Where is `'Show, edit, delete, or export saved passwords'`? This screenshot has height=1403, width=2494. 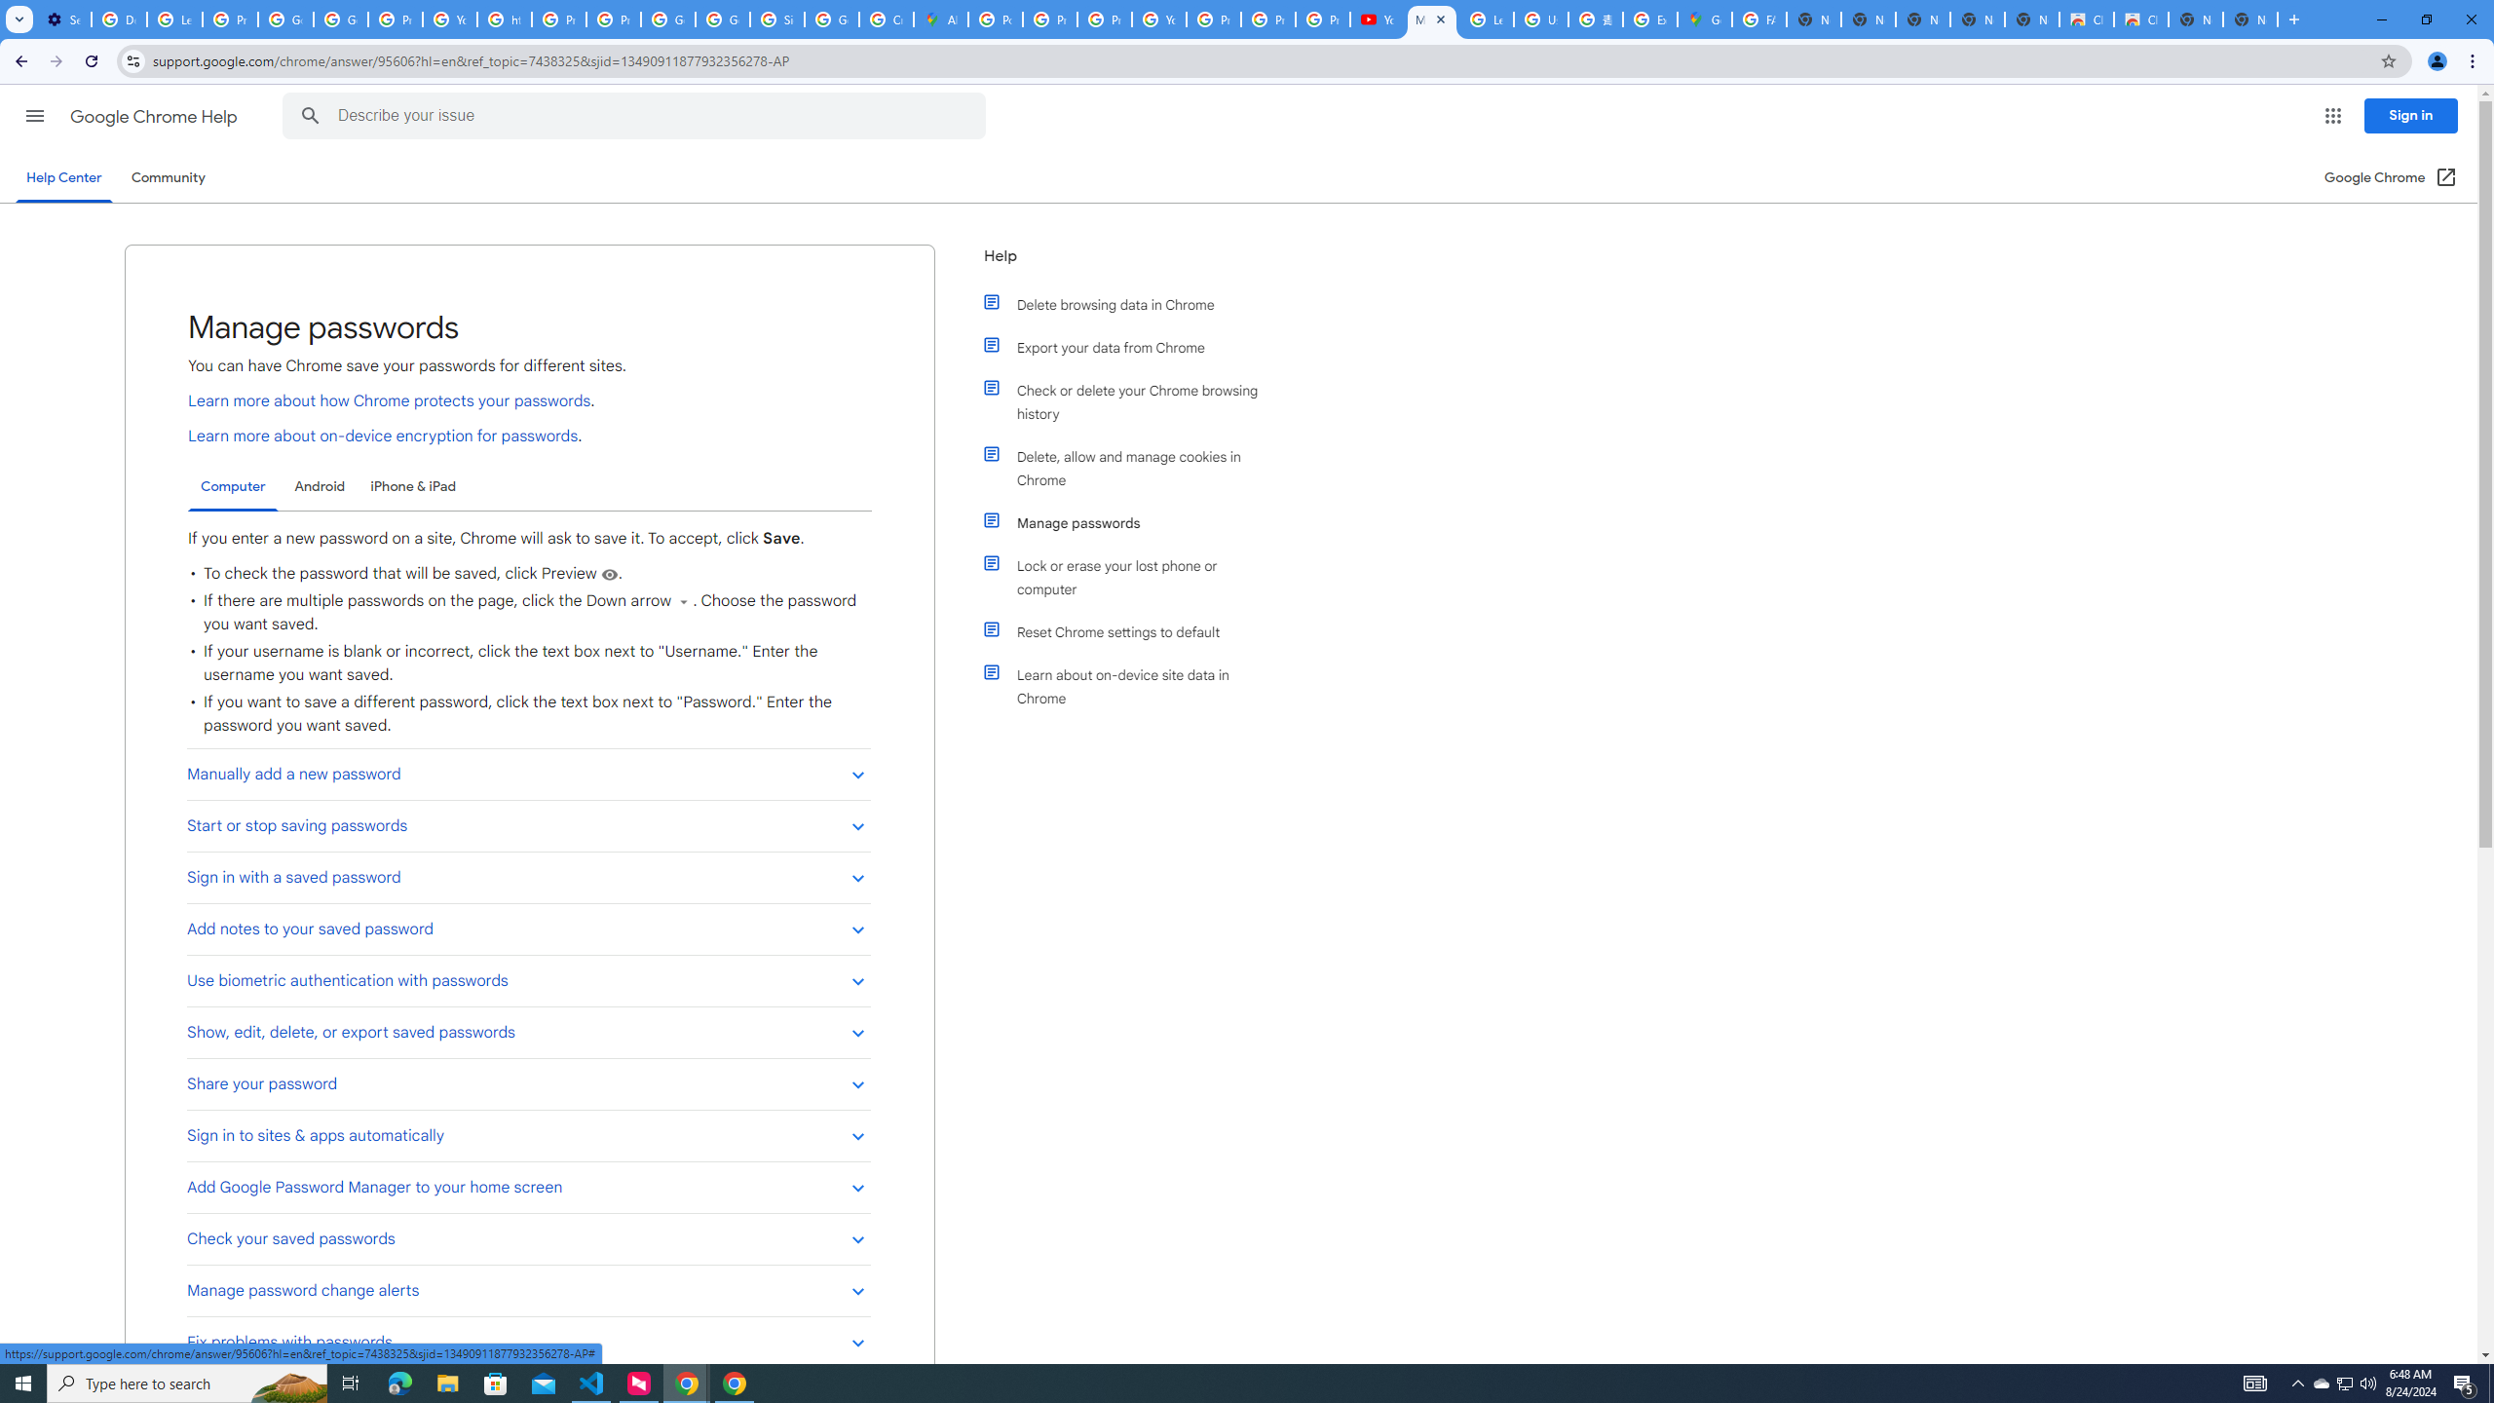
'Show, edit, delete, or export saved passwords' is located at coordinates (528, 1031).